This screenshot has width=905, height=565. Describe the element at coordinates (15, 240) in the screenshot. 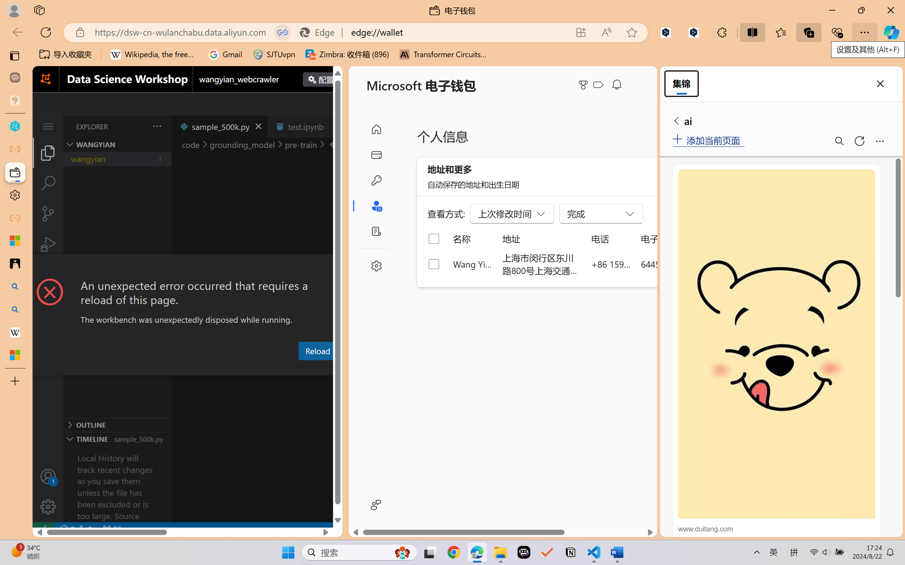

I see `'Microsoft security help and learning'` at that location.